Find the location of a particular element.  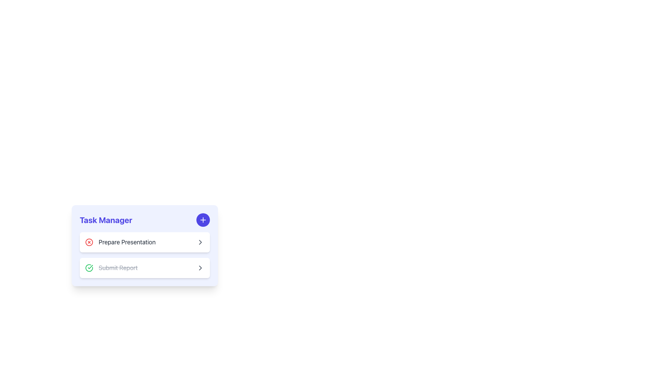

the rightward-pointing gray arrow icon located at the end of the 'Submit Report' task item is located at coordinates (200, 268).